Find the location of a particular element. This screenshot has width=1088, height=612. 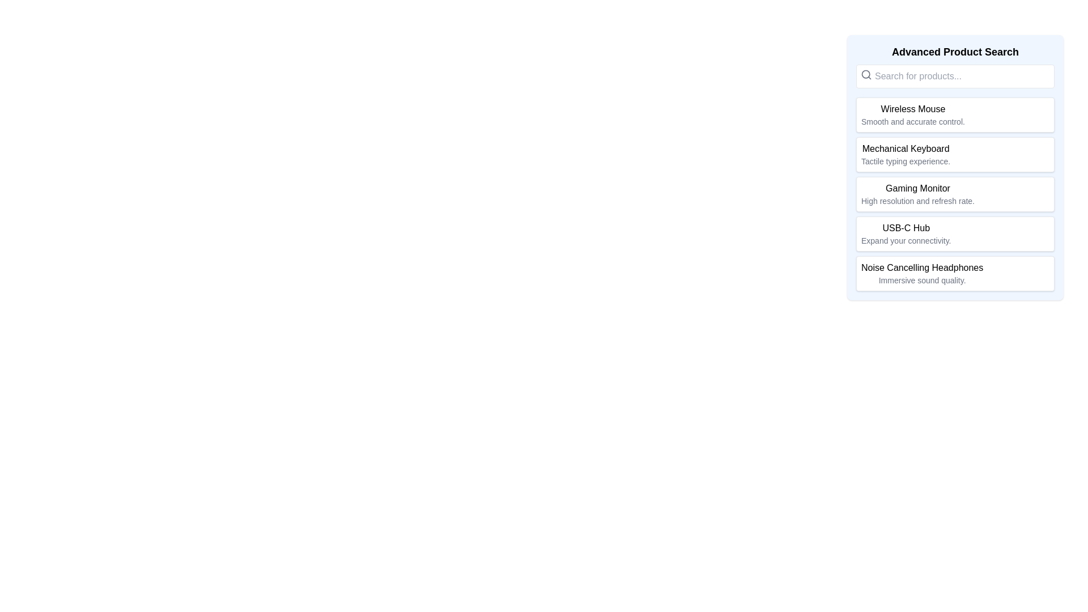

the text label that describes the product 'Gaming Monitor', located under the title 'Gaming Monitor' in the 'Advanced Product Search' section is located at coordinates (918, 200).